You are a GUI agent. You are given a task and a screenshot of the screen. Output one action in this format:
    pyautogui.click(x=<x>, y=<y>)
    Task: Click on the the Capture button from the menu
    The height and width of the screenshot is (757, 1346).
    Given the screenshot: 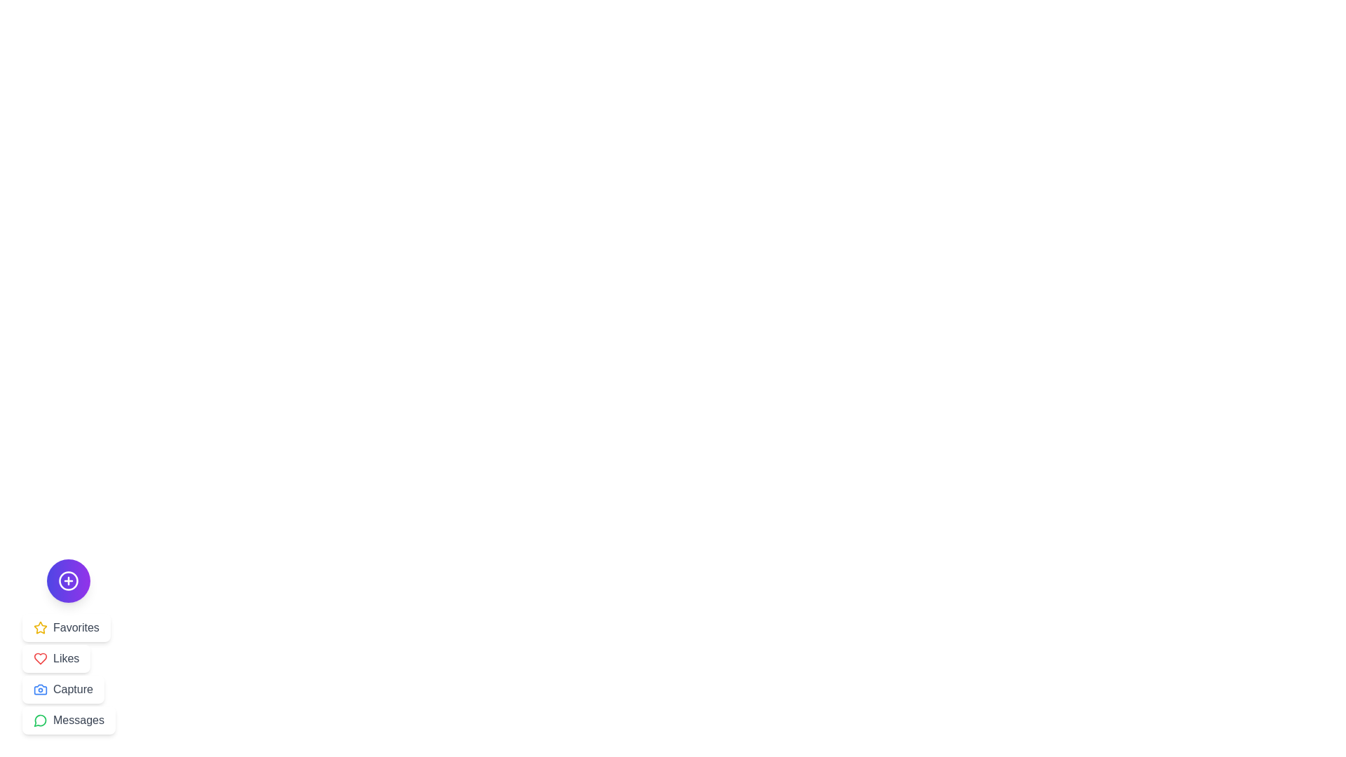 What is the action you would take?
    pyautogui.click(x=62, y=688)
    